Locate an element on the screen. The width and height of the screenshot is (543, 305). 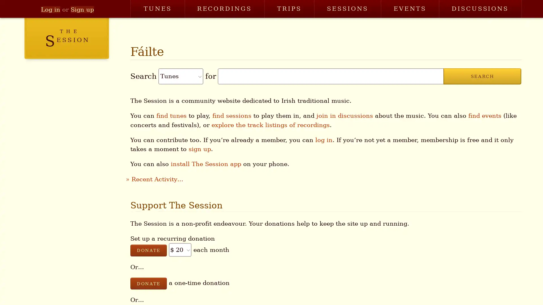
search is located at coordinates (482, 76).